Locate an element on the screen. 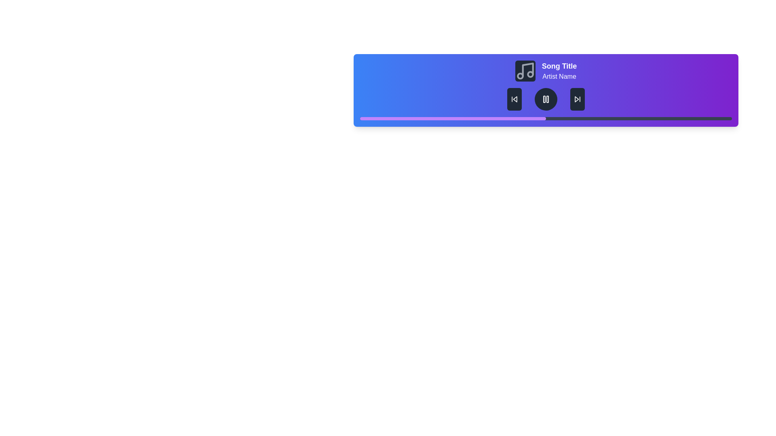 This screenshot has height=436, width=776. progress is located at coordinates (420, 118).